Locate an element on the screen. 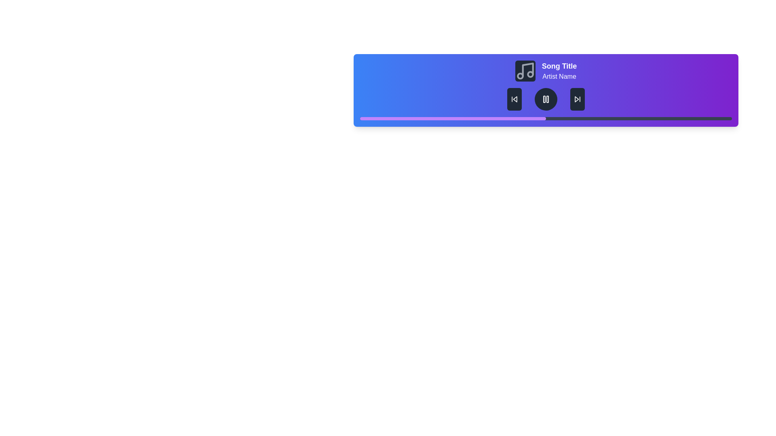 This screenshot has height=436, width=776. progress is located at coordinates (420, 118).